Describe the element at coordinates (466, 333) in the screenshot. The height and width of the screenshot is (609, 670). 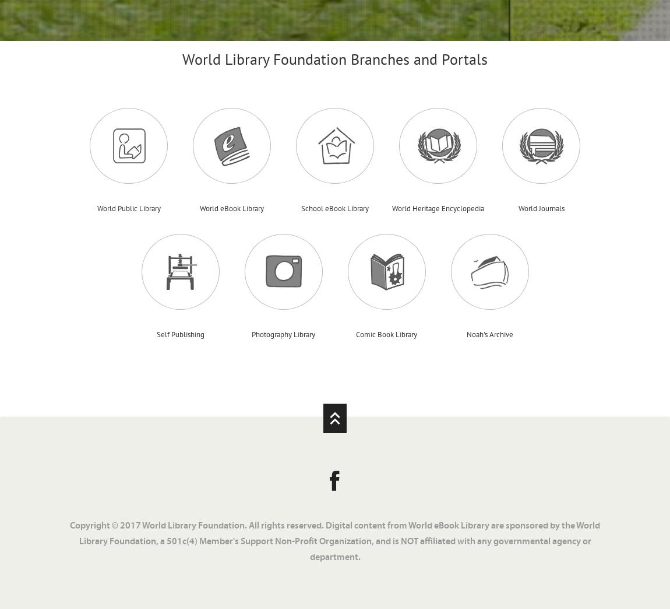
I see `'Noah's Archive'` at that location.